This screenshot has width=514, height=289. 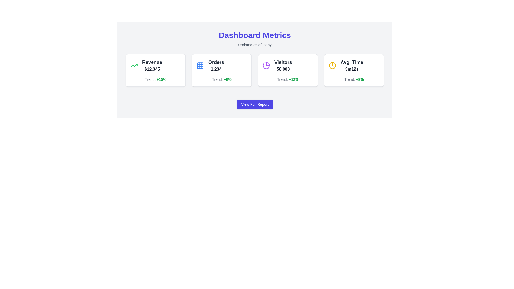 What do you see at coordinates (161, 79) in the screenshot?
I see `displayed trend value from the text label showing '+15%' in bold green font, located in the bottom-left card of the overview dashboard, following the text 'Trend:' and positioned below the revenue amount` at bounding box center [161, 79].